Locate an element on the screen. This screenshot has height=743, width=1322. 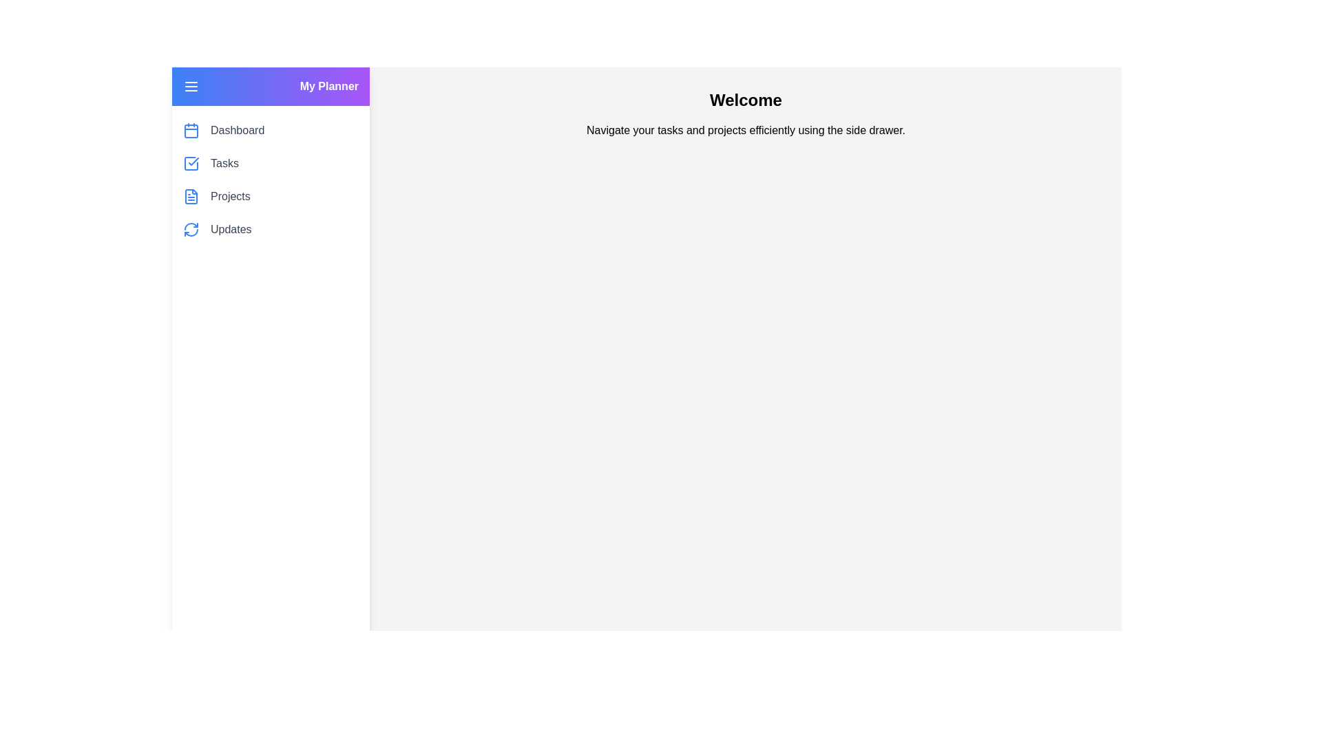
the toggle button to open or close the drawer is located at coordinates (191, 87).